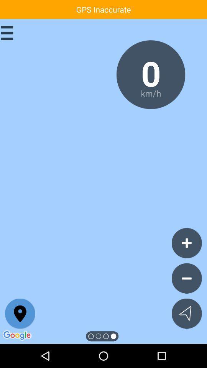 This screenshot has width=207, height=368. I want to click on the add icon, so click(186, 243).